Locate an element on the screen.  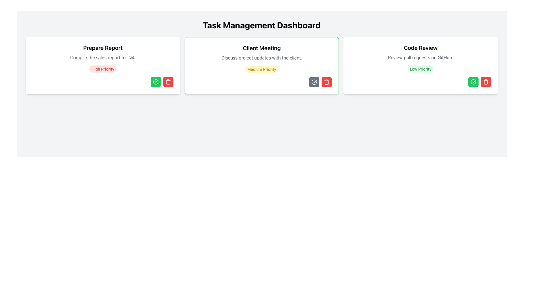
the middle card component in the task management dashboard is located at coordinates (261, 65).